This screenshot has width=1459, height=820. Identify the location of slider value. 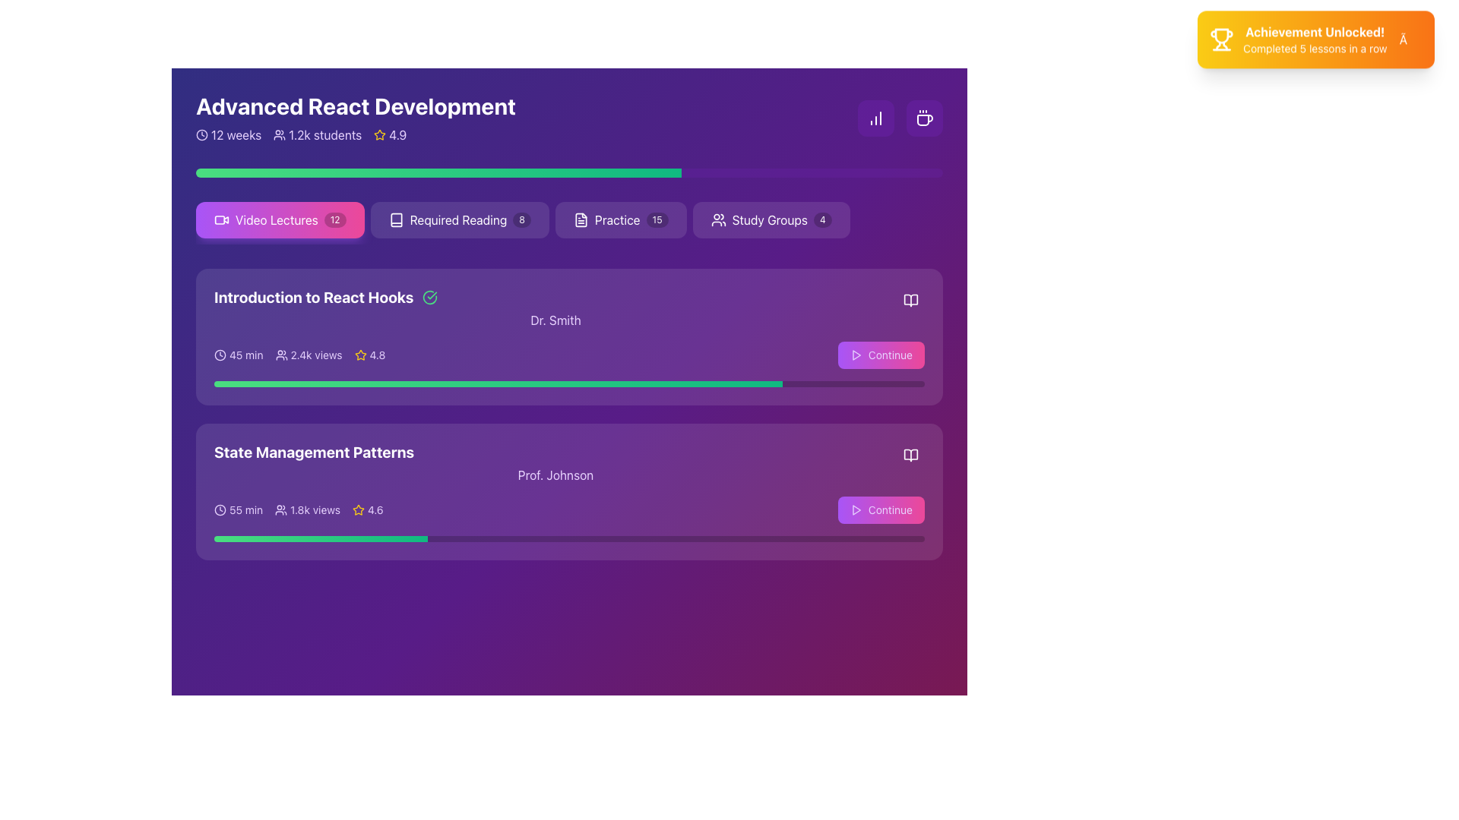
(657, 383).